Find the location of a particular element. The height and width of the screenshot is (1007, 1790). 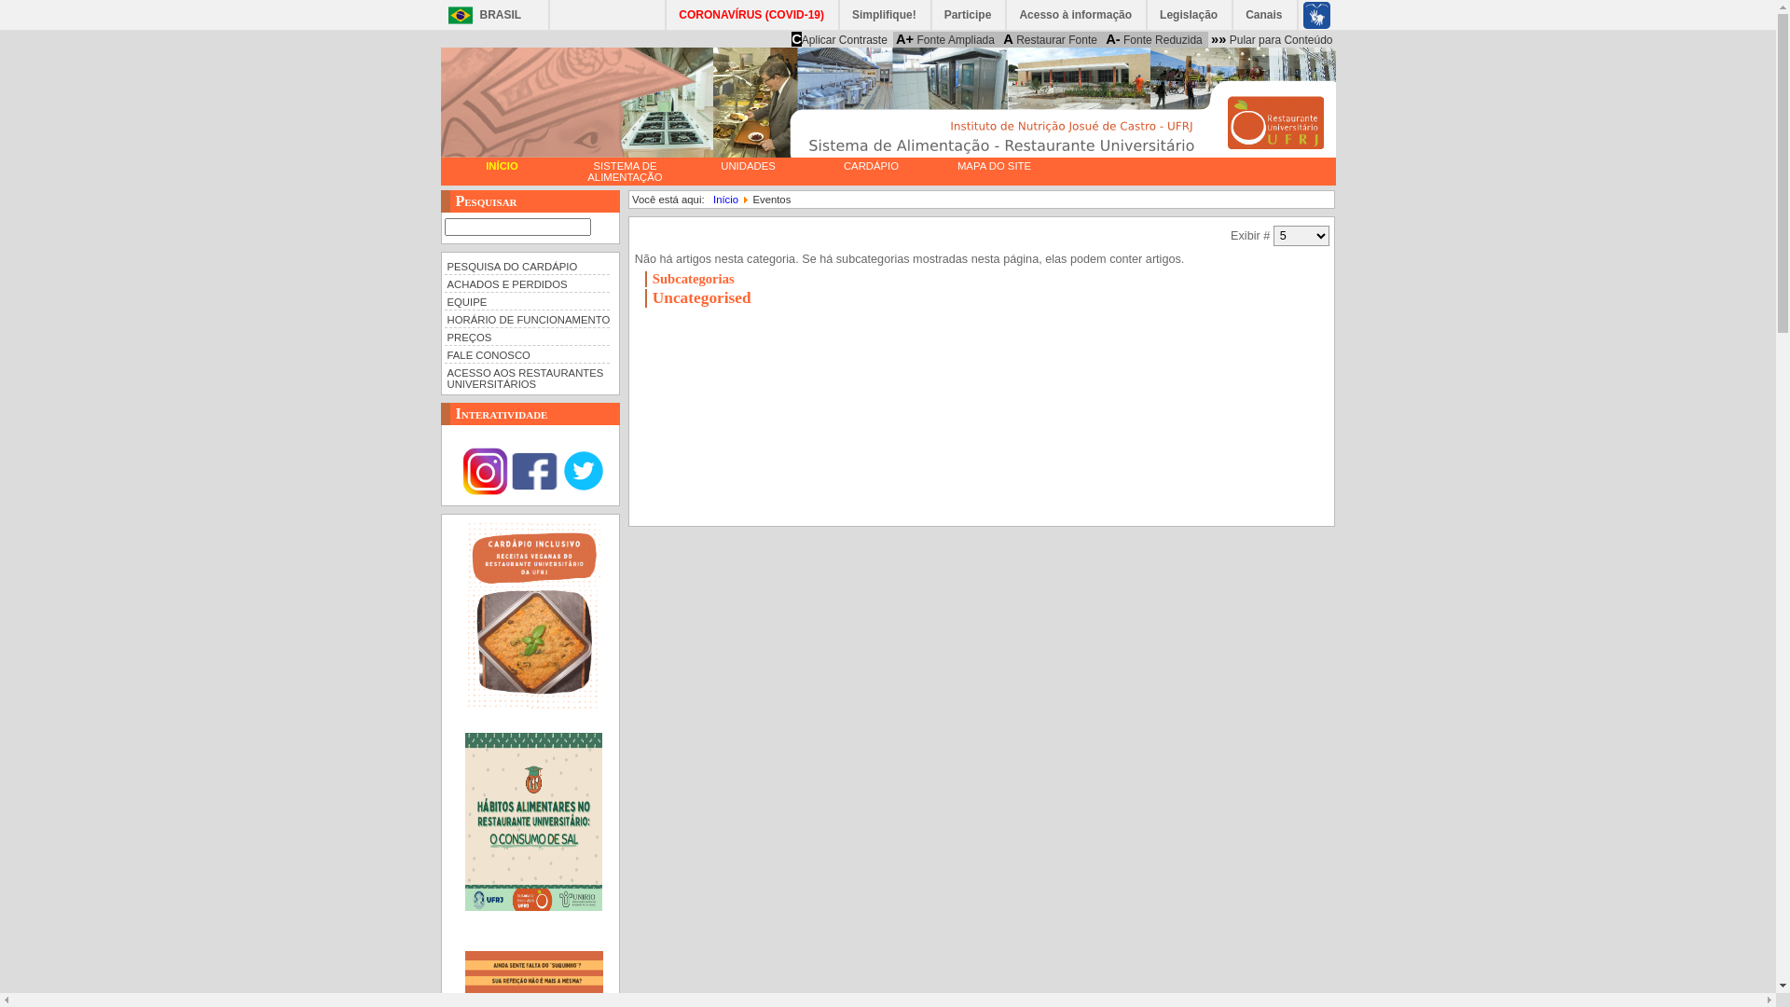

'CAplicar Contraste' is located at coordinates (838, 39).